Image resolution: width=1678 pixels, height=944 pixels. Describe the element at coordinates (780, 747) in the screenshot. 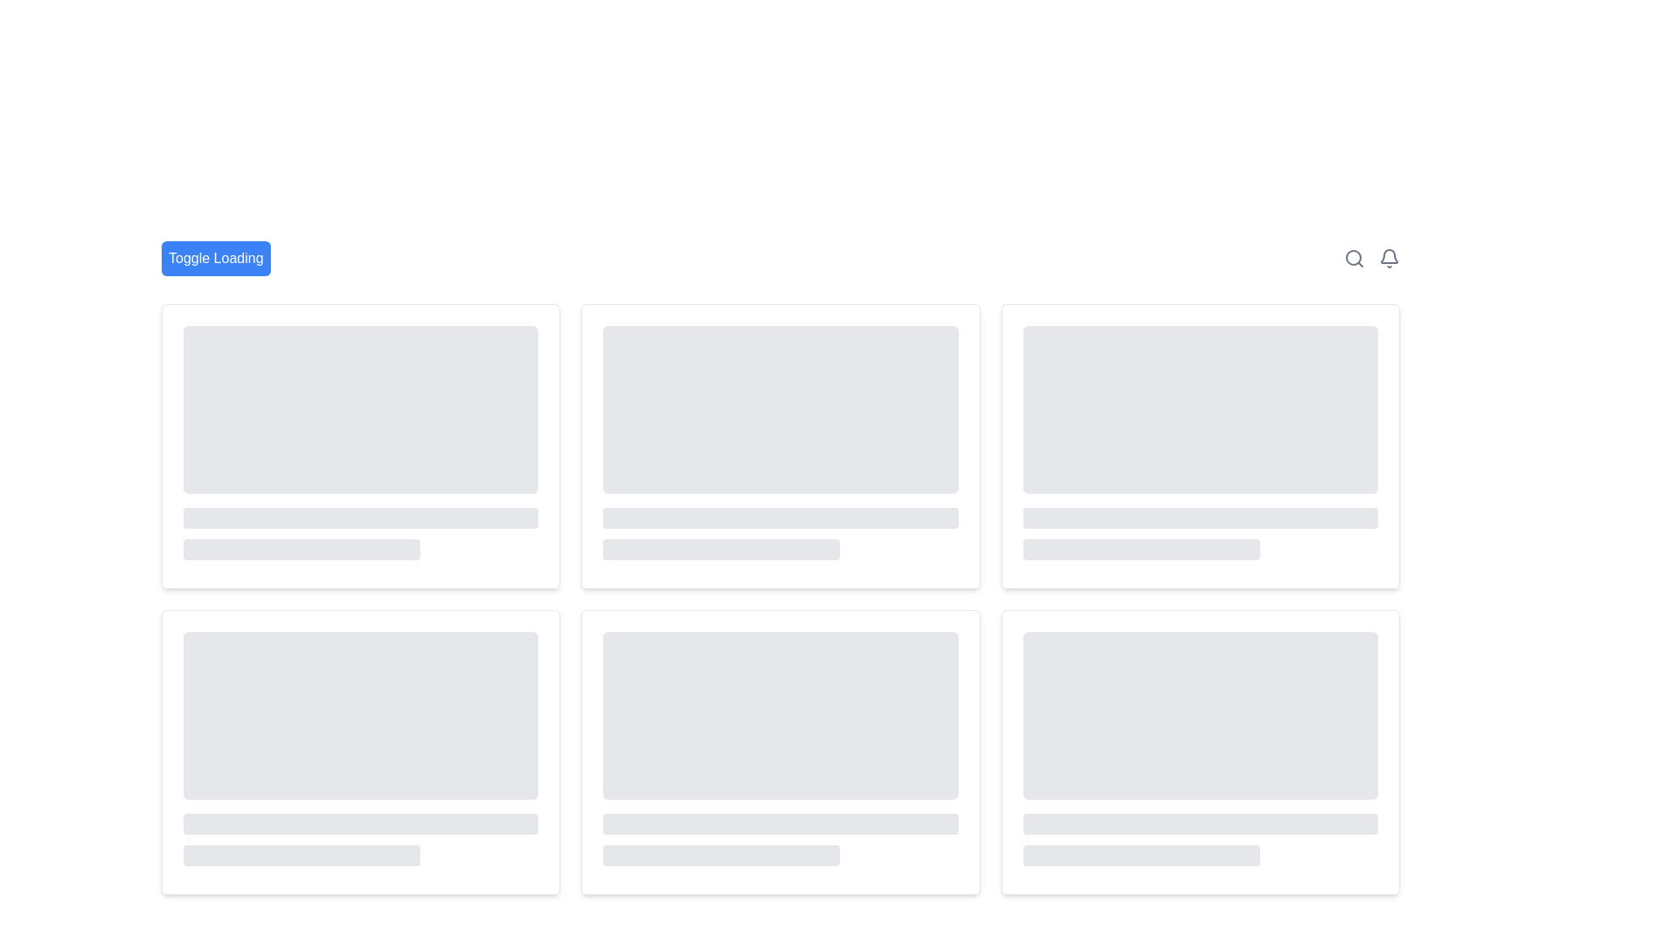

I see `the loading animation in the gray rectangular placeholder located in the third column of the second row of cards` at that location.